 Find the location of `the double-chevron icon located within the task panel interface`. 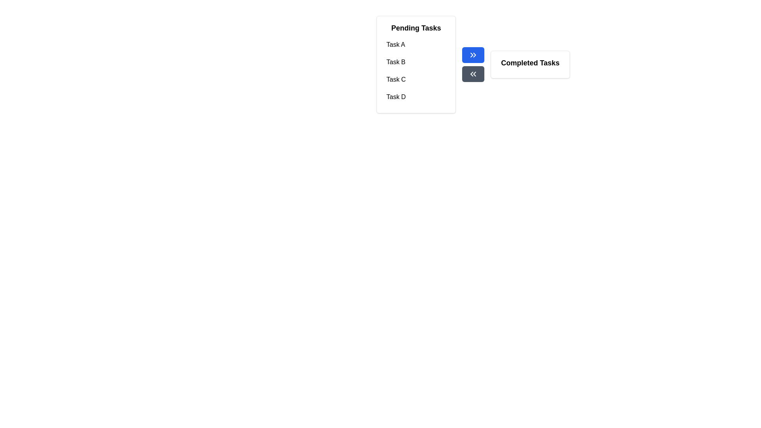

the double-chevron icon located within the task panel interface is located at coordinates (473, 74).